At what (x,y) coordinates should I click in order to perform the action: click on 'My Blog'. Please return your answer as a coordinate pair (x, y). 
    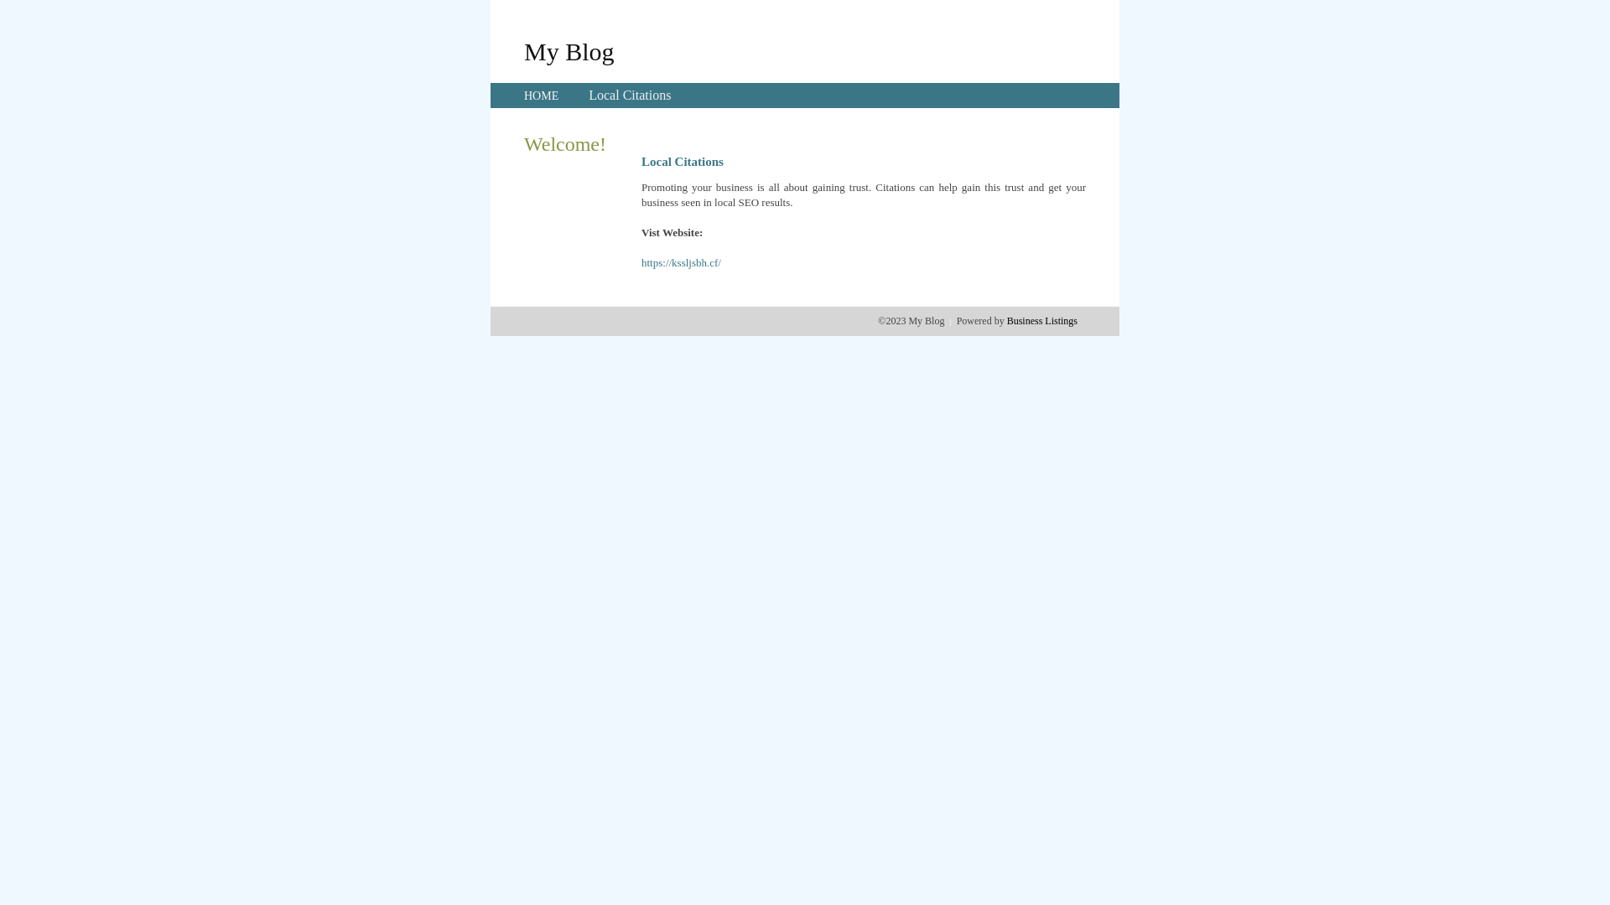
    Looking at the image, I should click on (569, 50).